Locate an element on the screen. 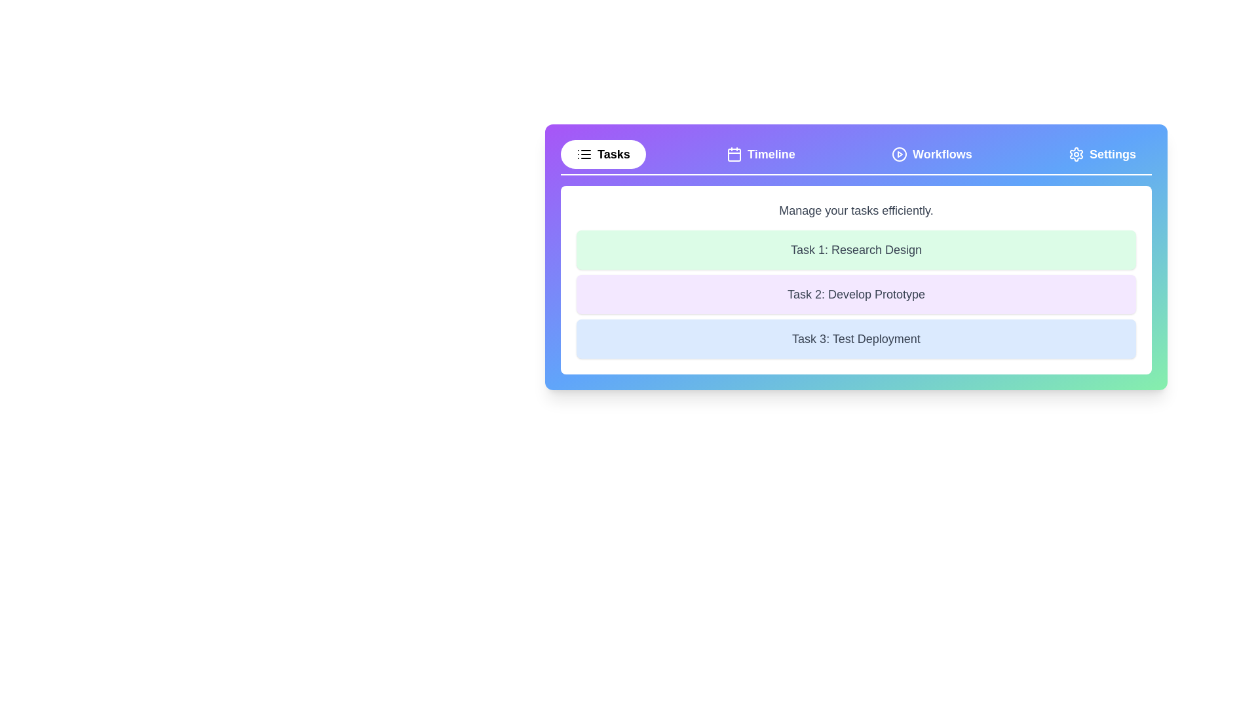 The image size is (1258, 707). the Tasks tab to view its content is located at coordinates (602, 153).